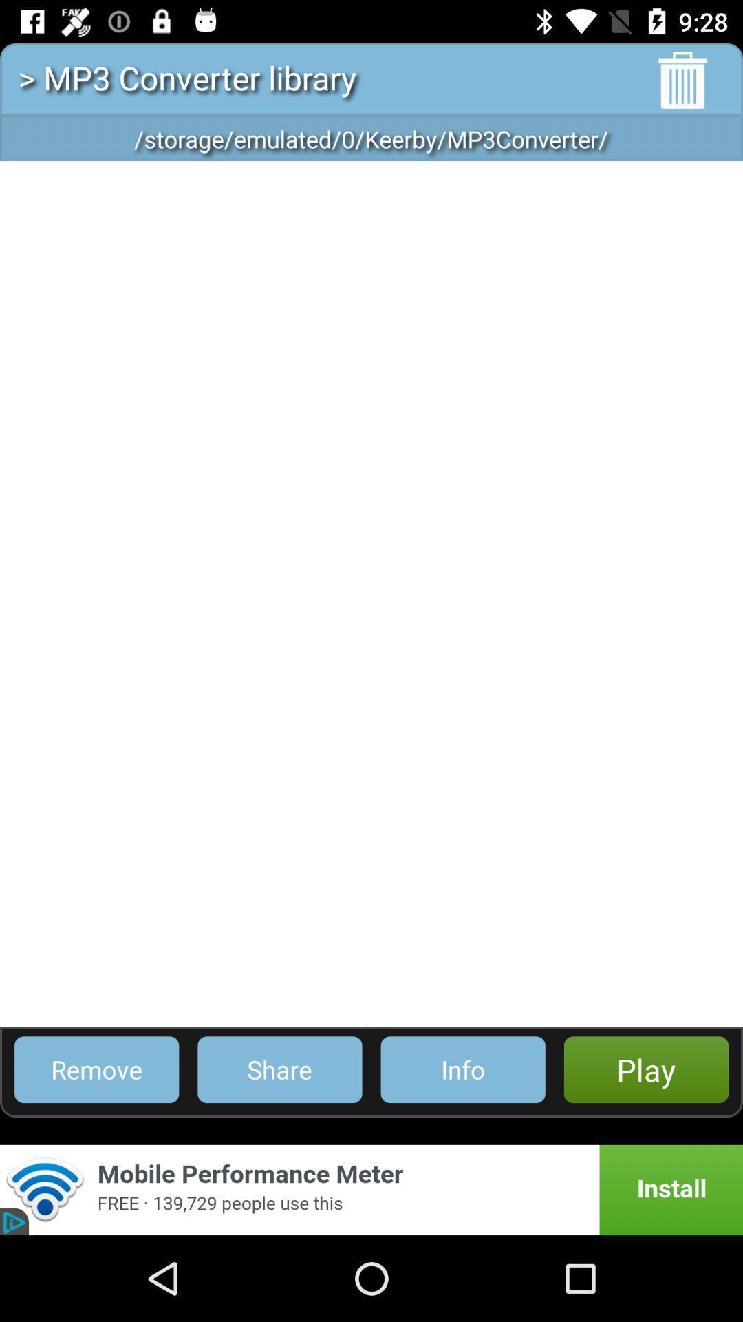  Describe the element at coordinates (96, 1069) in the screenshot. I see `the remove item` at that location.